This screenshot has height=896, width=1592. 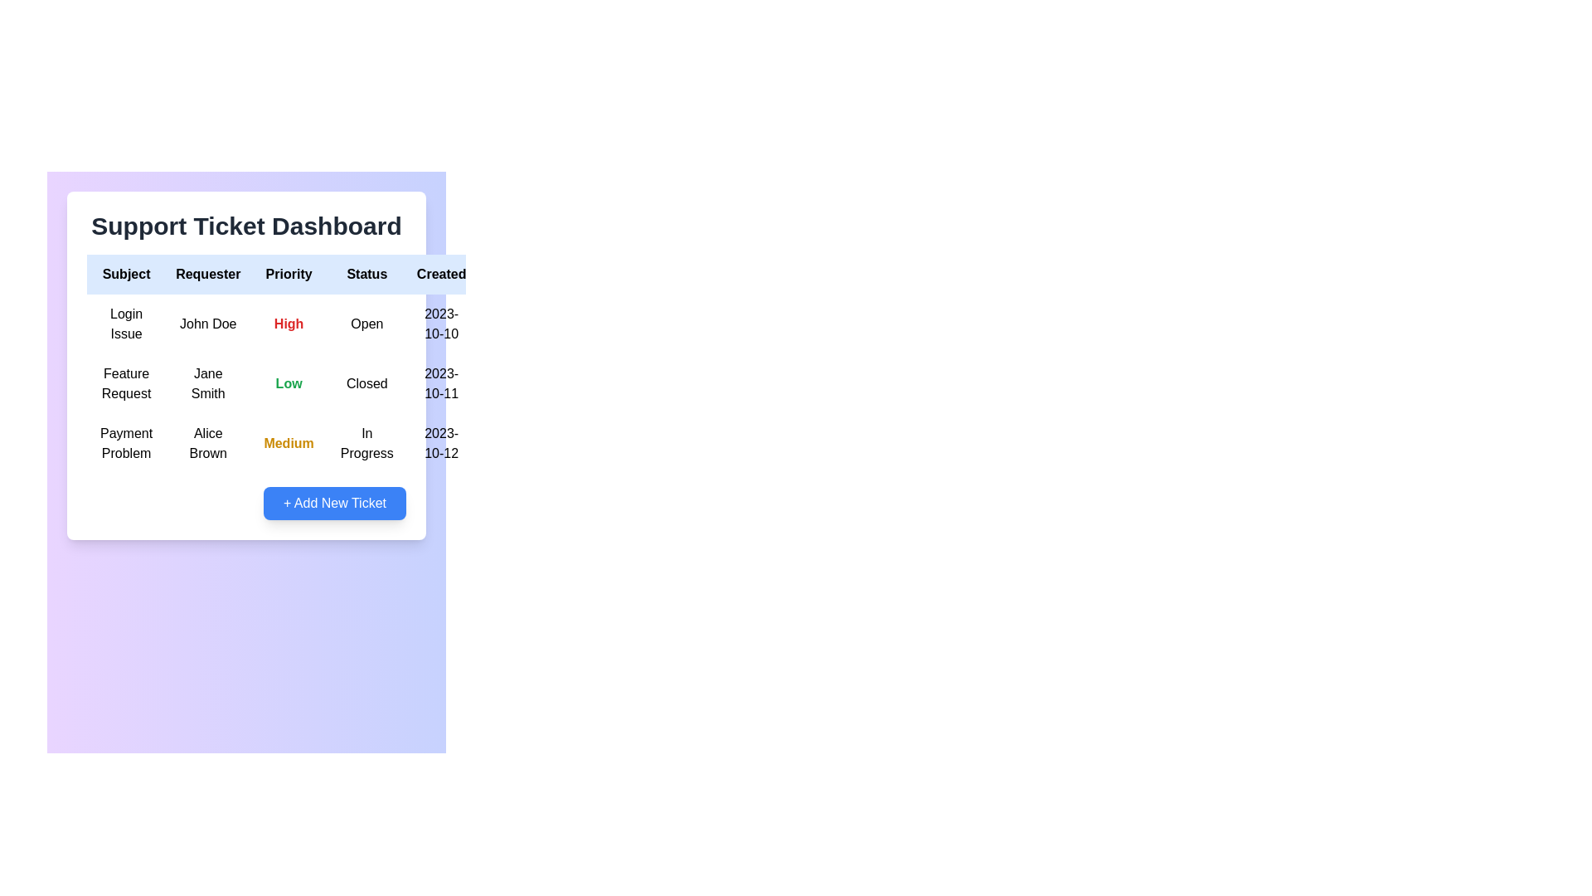 What do you see at coordinates (125, 383) in the screenshot?
I see `text content of the 'Feature Request' label located in the first column of the second row in a table layout within the dashboard interface` at bounding box center [125, 383].